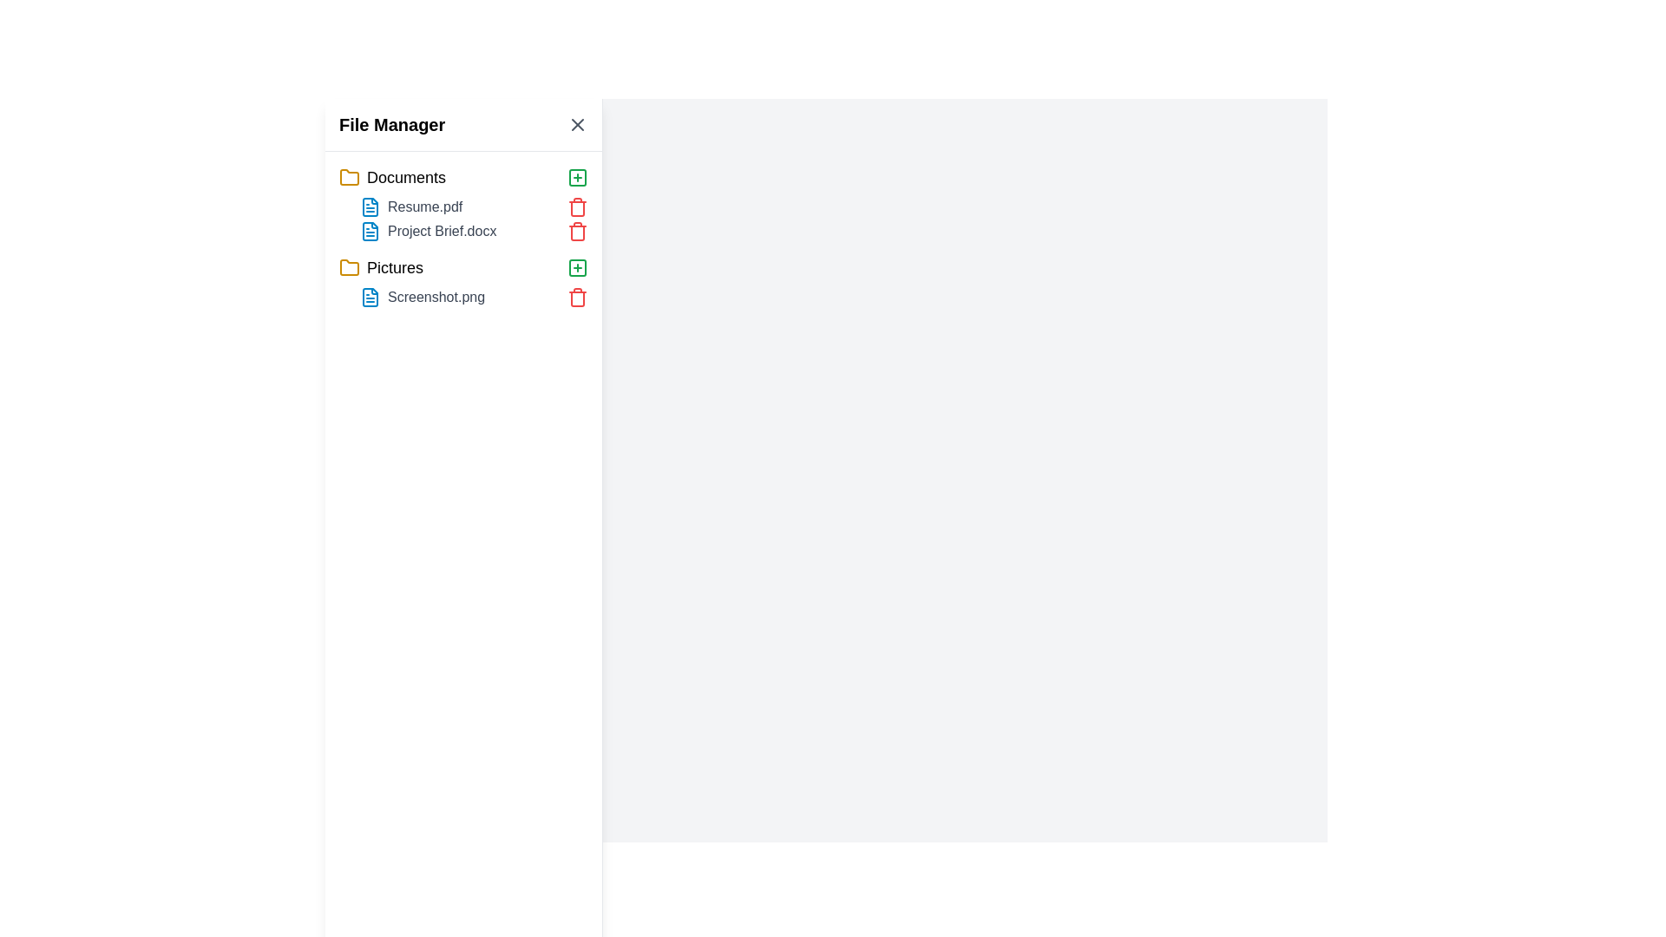  Describe the element at coordinates (578, 233) in the screenshot. I see `the vertical segment of the trash can icon, which is styled with a red hue and indicates a delete action` at that location.